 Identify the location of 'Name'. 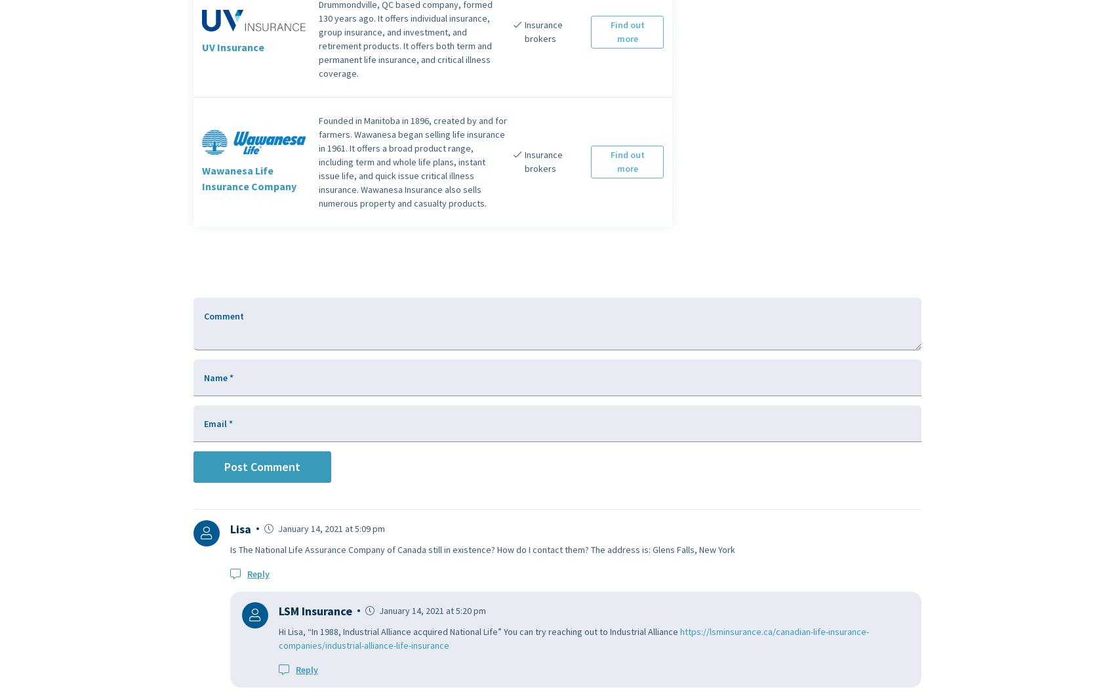
(216, 376).